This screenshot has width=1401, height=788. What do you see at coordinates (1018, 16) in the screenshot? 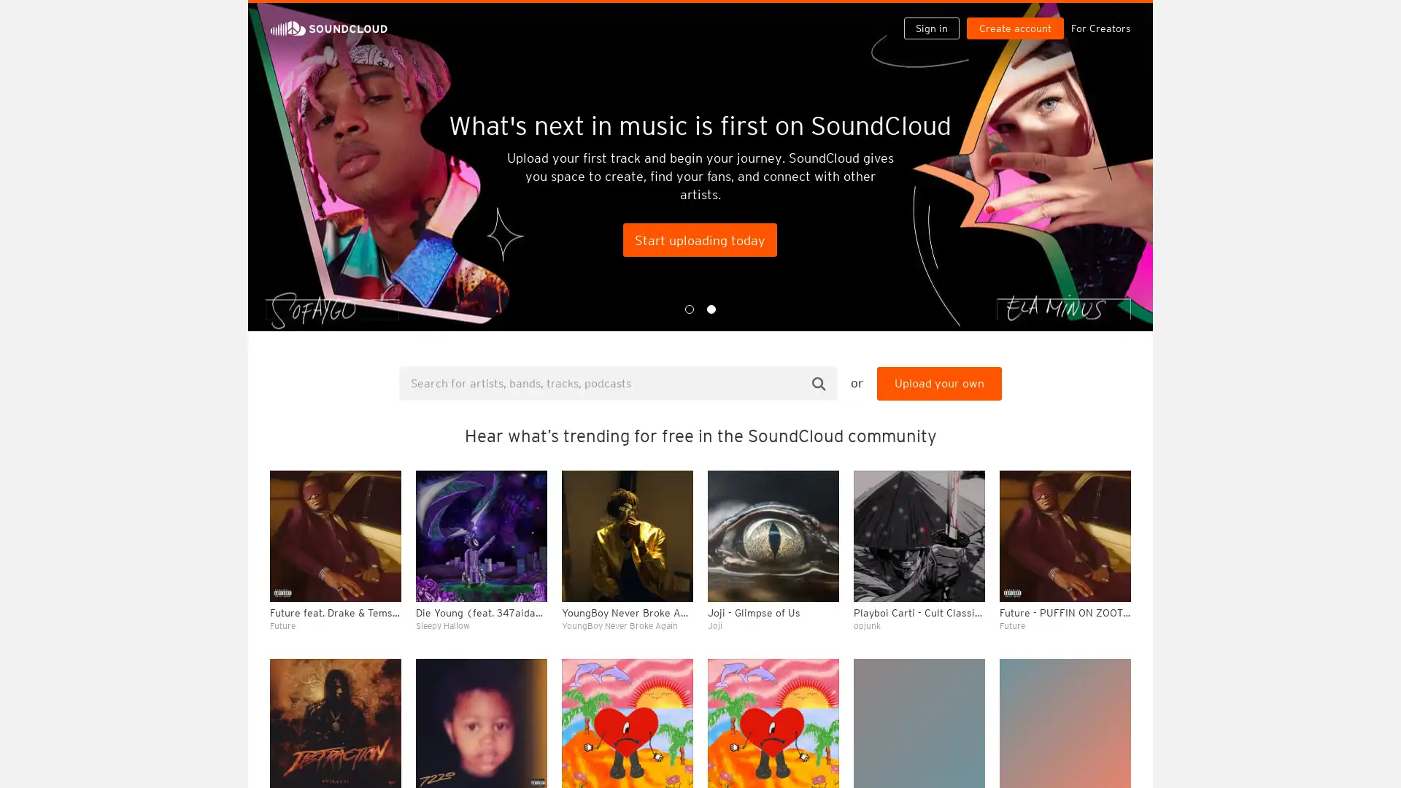
I see `Create a SoundCloud account` at bounding box center [1018, 16].